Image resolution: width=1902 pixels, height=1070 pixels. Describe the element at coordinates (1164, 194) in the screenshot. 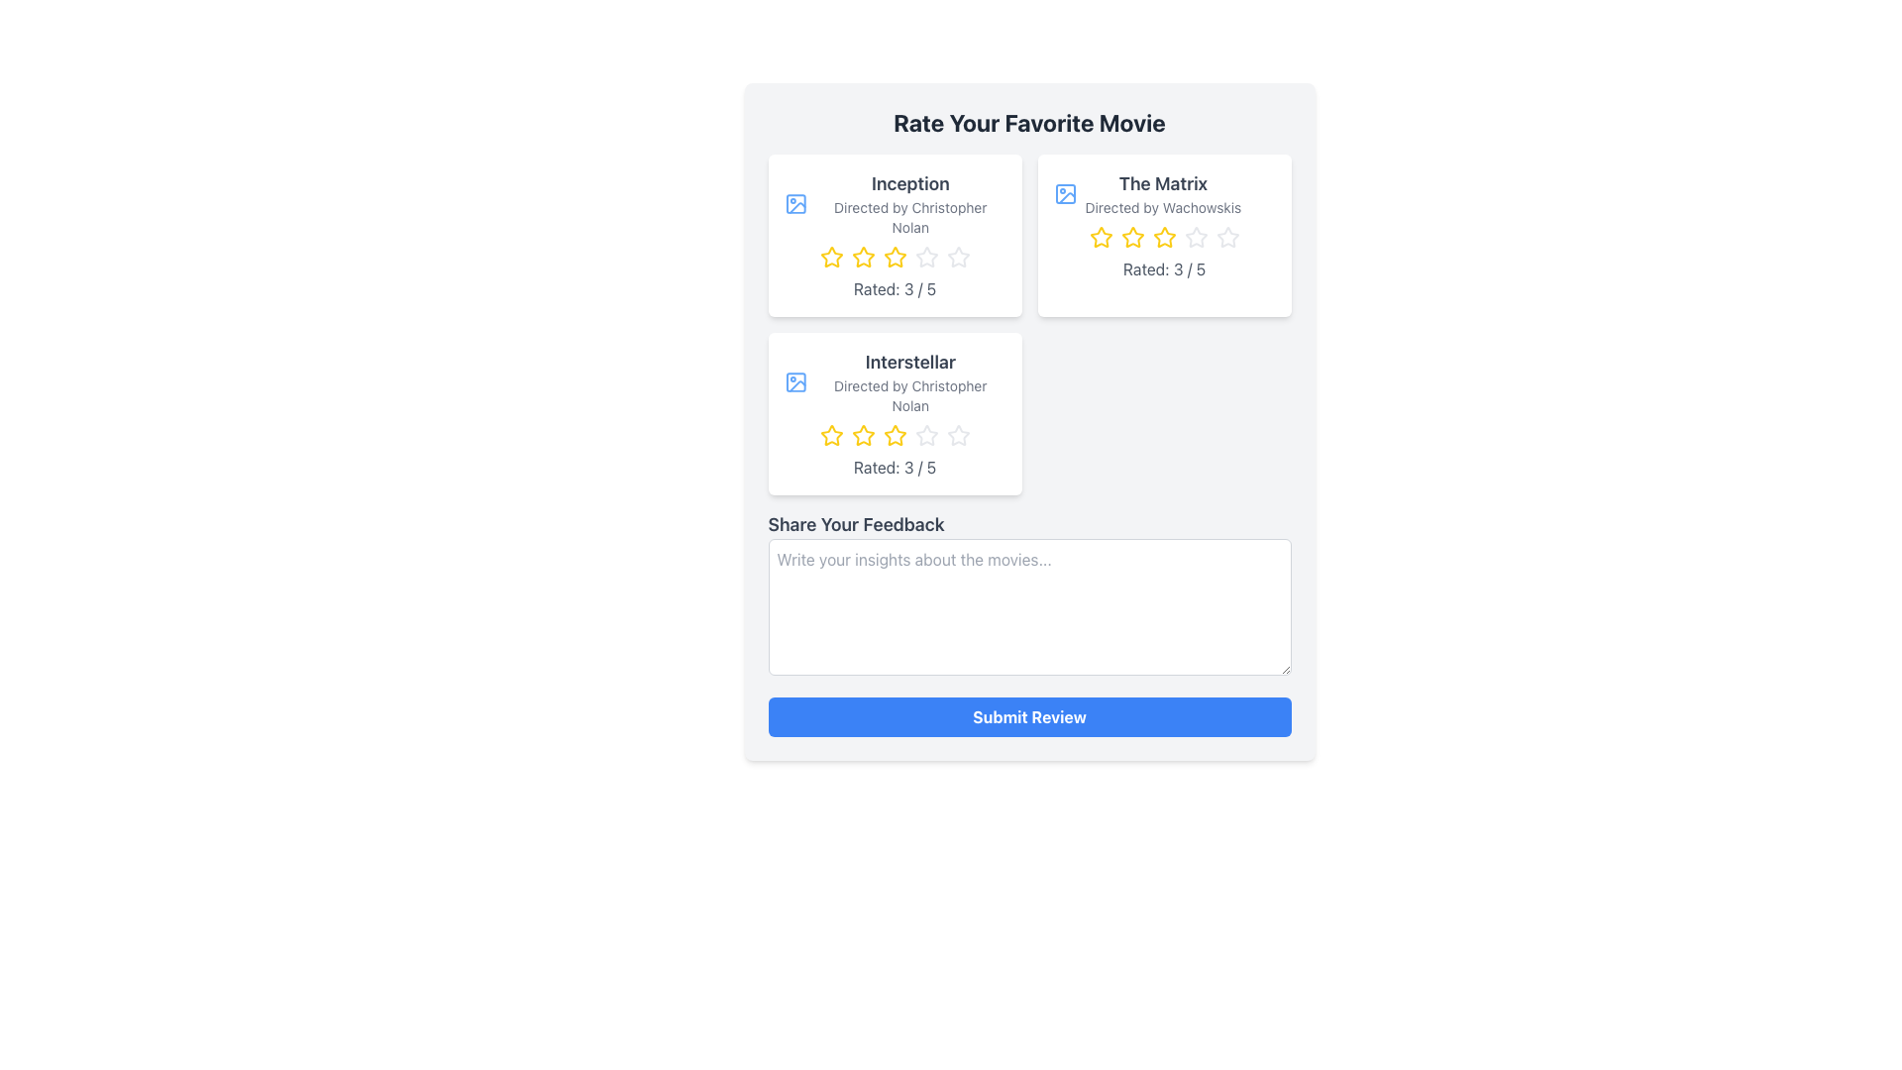

I see `the thumbnail or text of the movie 'The Matrix'` at that location.